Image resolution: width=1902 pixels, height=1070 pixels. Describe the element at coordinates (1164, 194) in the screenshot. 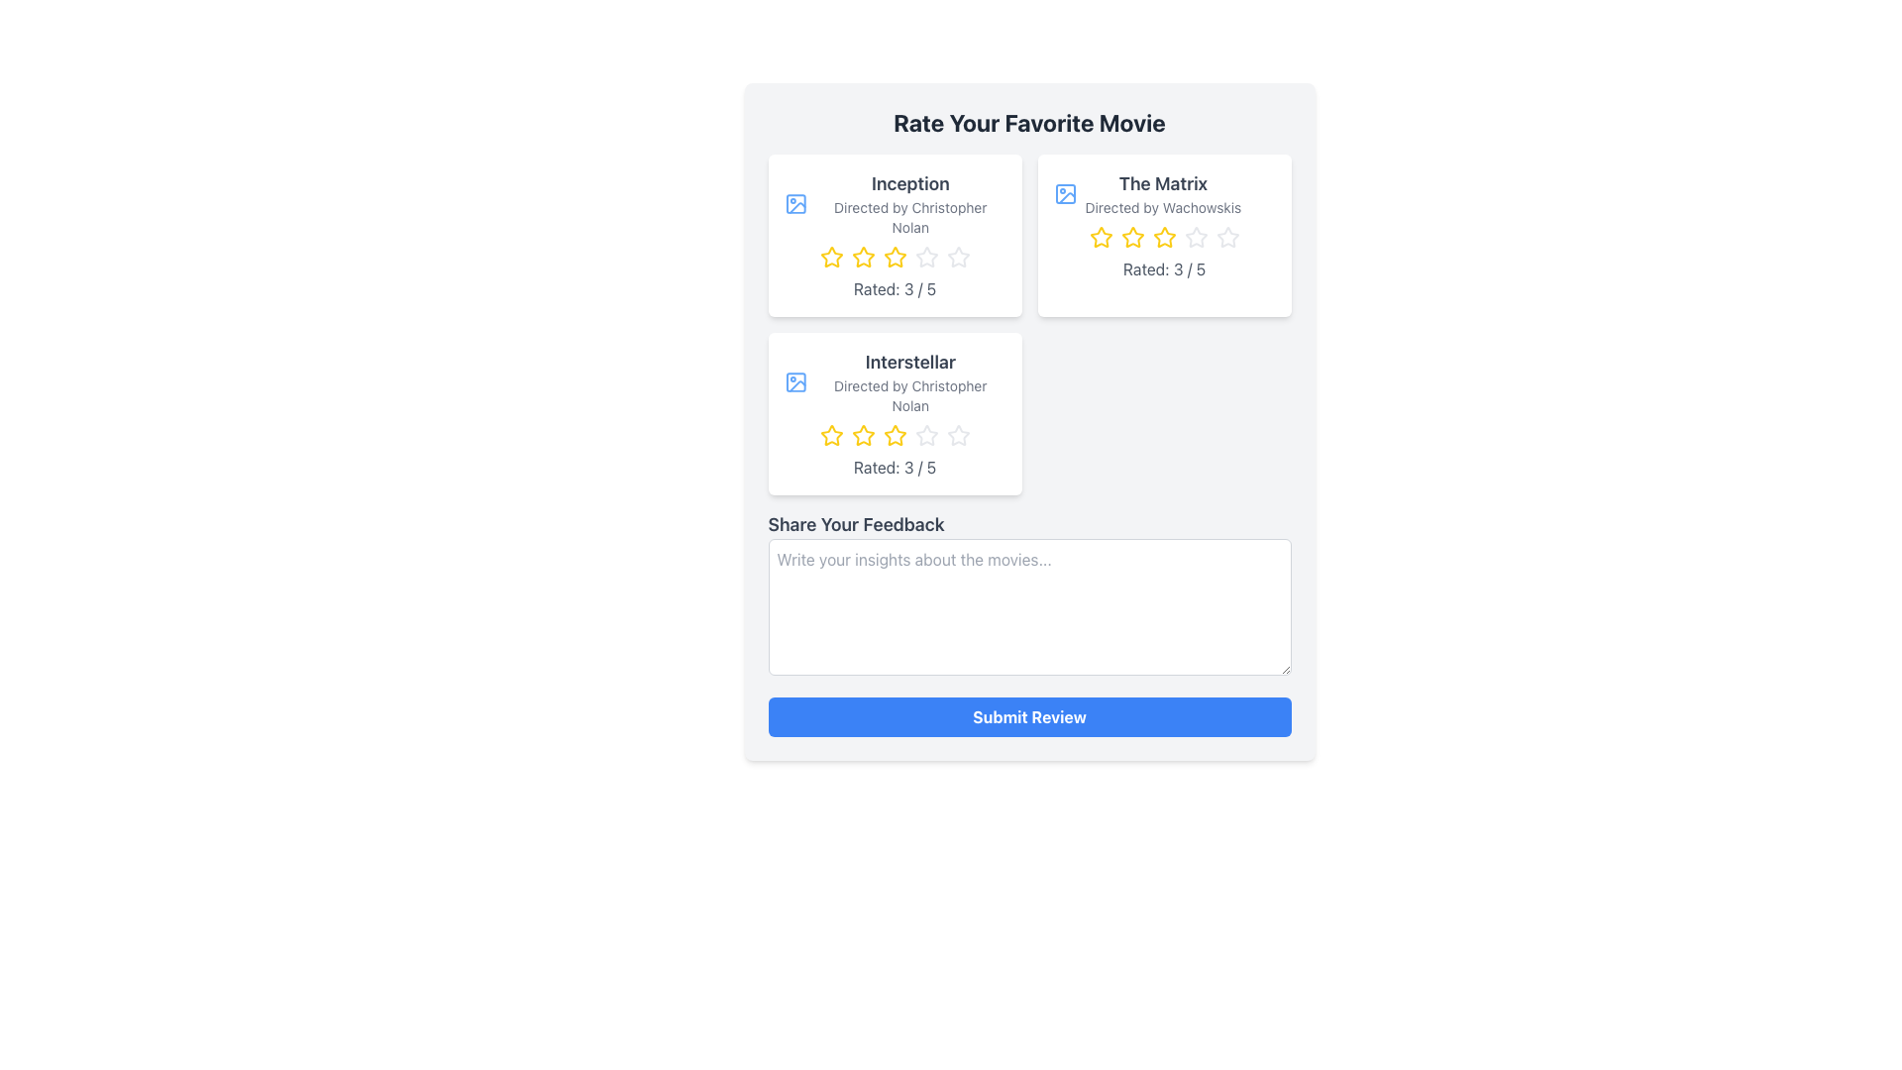

I see `the thumbnail or text of the movie 'The Matrix'` at that location.